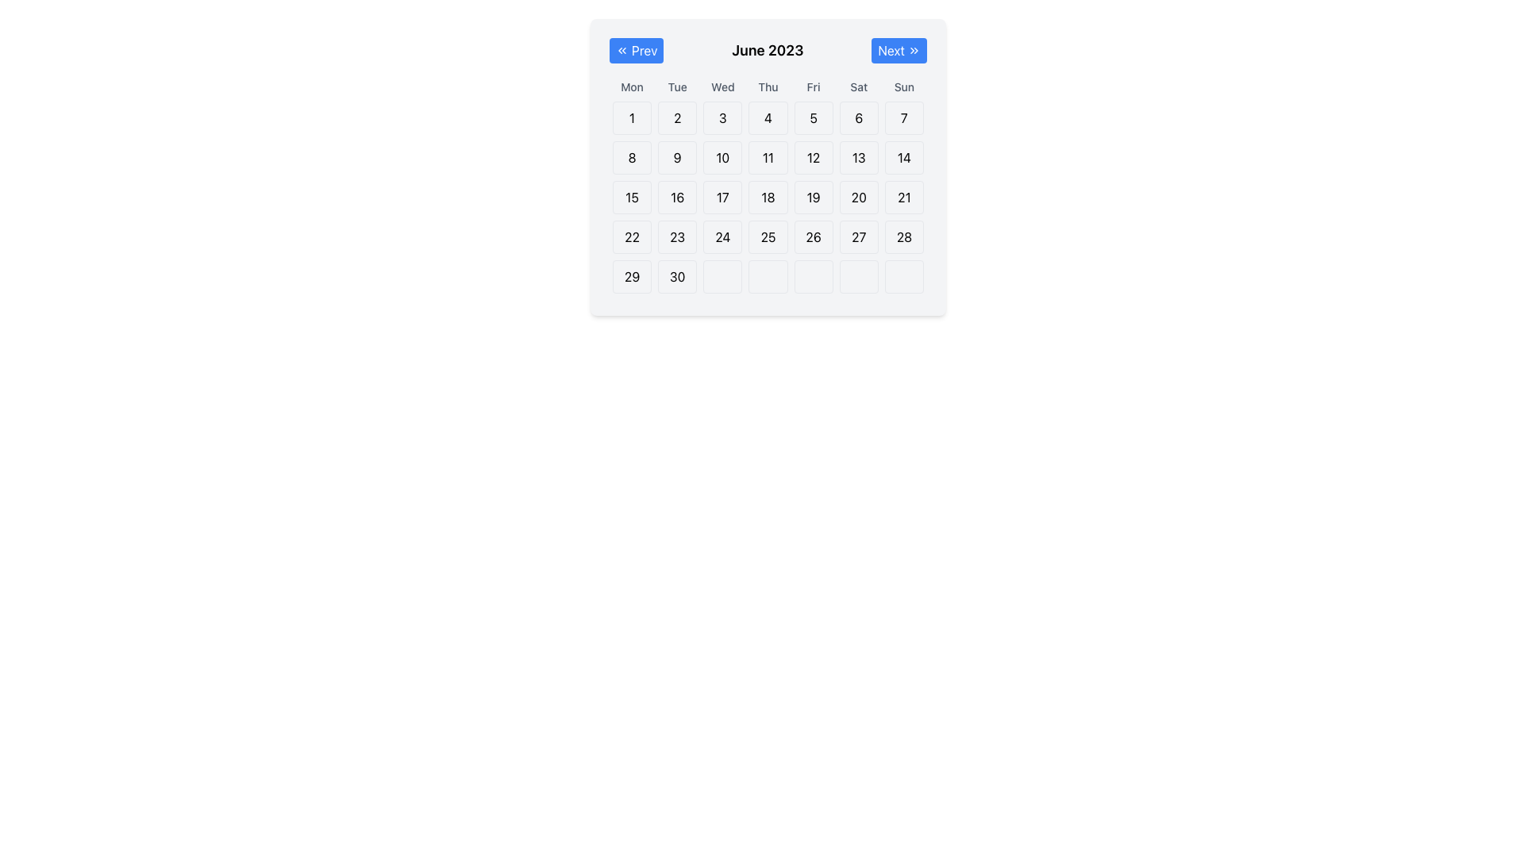 The width and height of the screenshot is (1524, 857). I want to click on the button representing the 28th day of the calendar month, so click(904, 237).